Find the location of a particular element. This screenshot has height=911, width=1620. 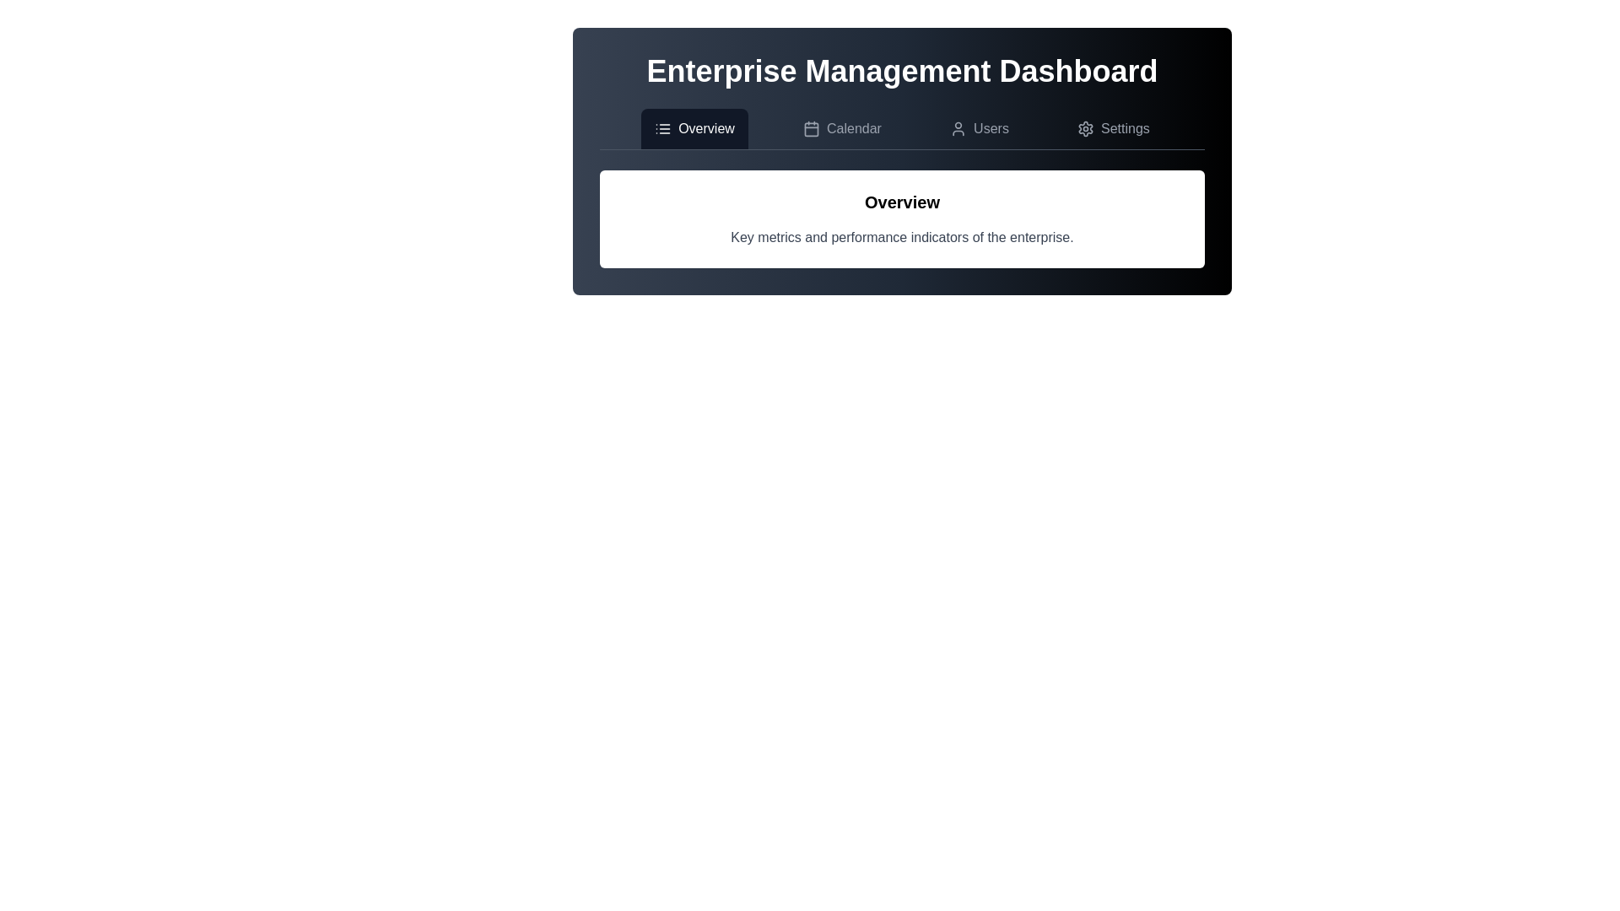

the cogwheel-like settings icon located at the top-right corner of the navigation bar is located at coordinates (1085, 128).